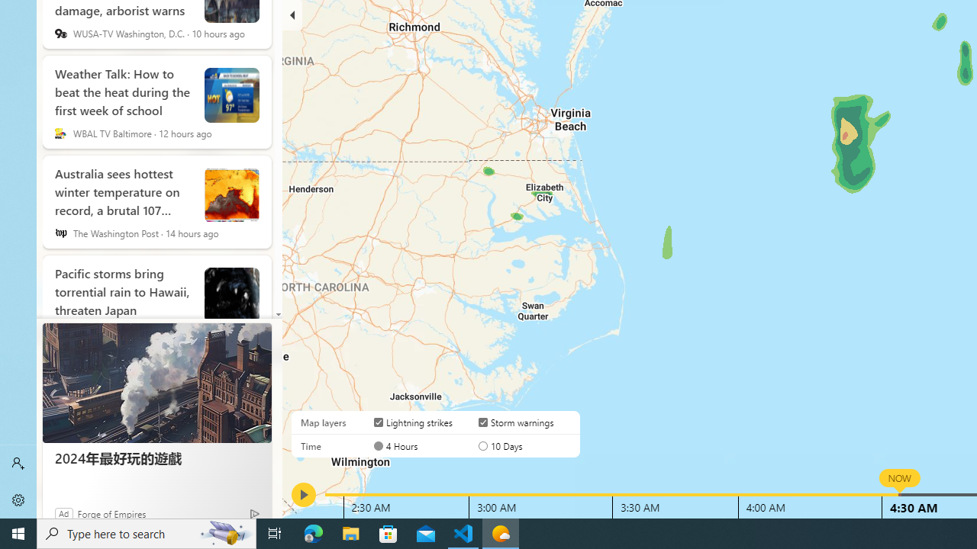 This screenshot has height=549, width=977. Describe the element at coordinates (18, 463) in the screenshot. I see `'Sign in'` at that location.